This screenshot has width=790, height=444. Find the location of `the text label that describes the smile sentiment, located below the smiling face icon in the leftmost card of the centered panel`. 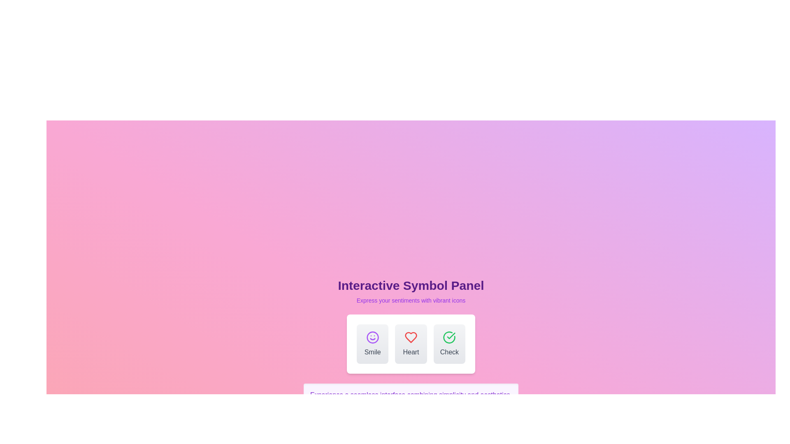

the text label that describes the smile sentiment, located below the smiling face icon in the leftmost card of the centered panel is located at coordinates (372, 351).